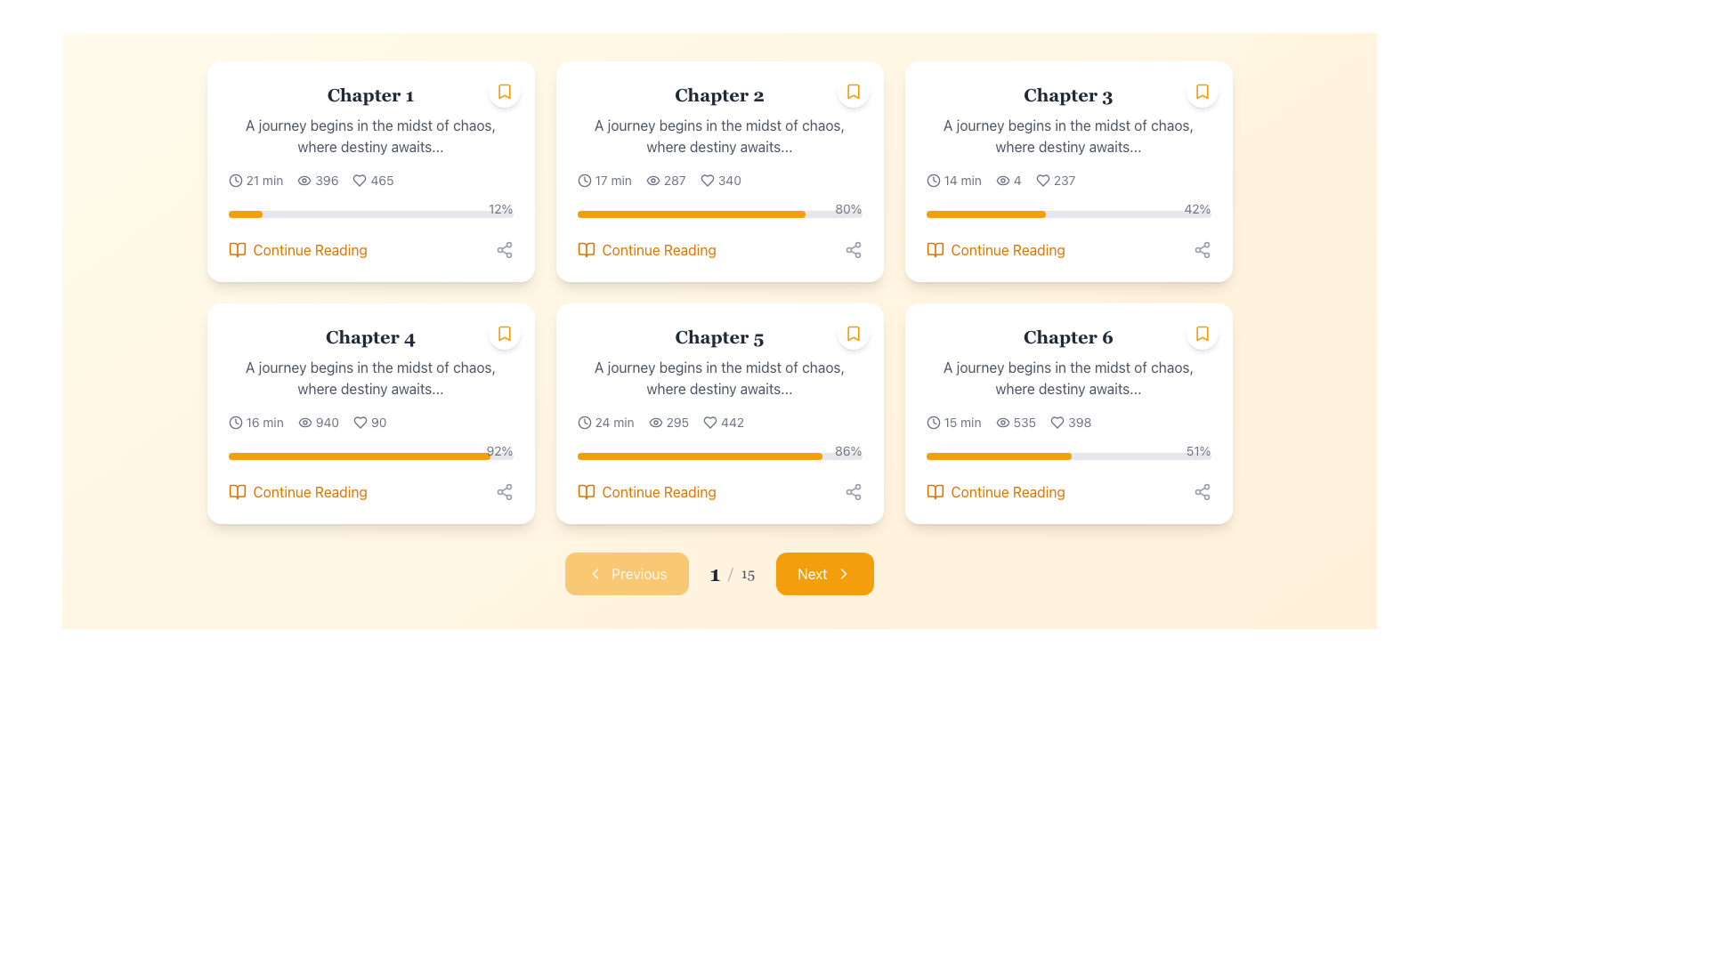 The width and height of the screenshot is (1709, 961). Describe the element at coordinates (236, 250) in the screenshot. I see `the icon representing the 'Continue Reading' action, which is positioned to the left of the orange text label 'Continue Reading' within the card interface for 'Chapter 1.'` at that location.